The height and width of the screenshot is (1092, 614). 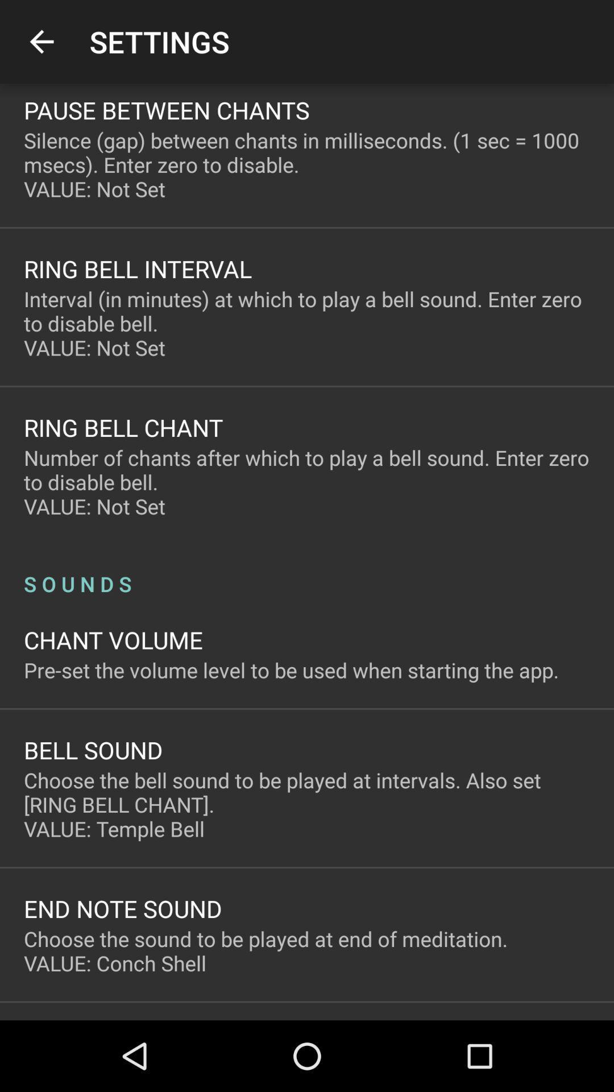 I want to click on the interval in minutes icon, so click(x=307, y=322).